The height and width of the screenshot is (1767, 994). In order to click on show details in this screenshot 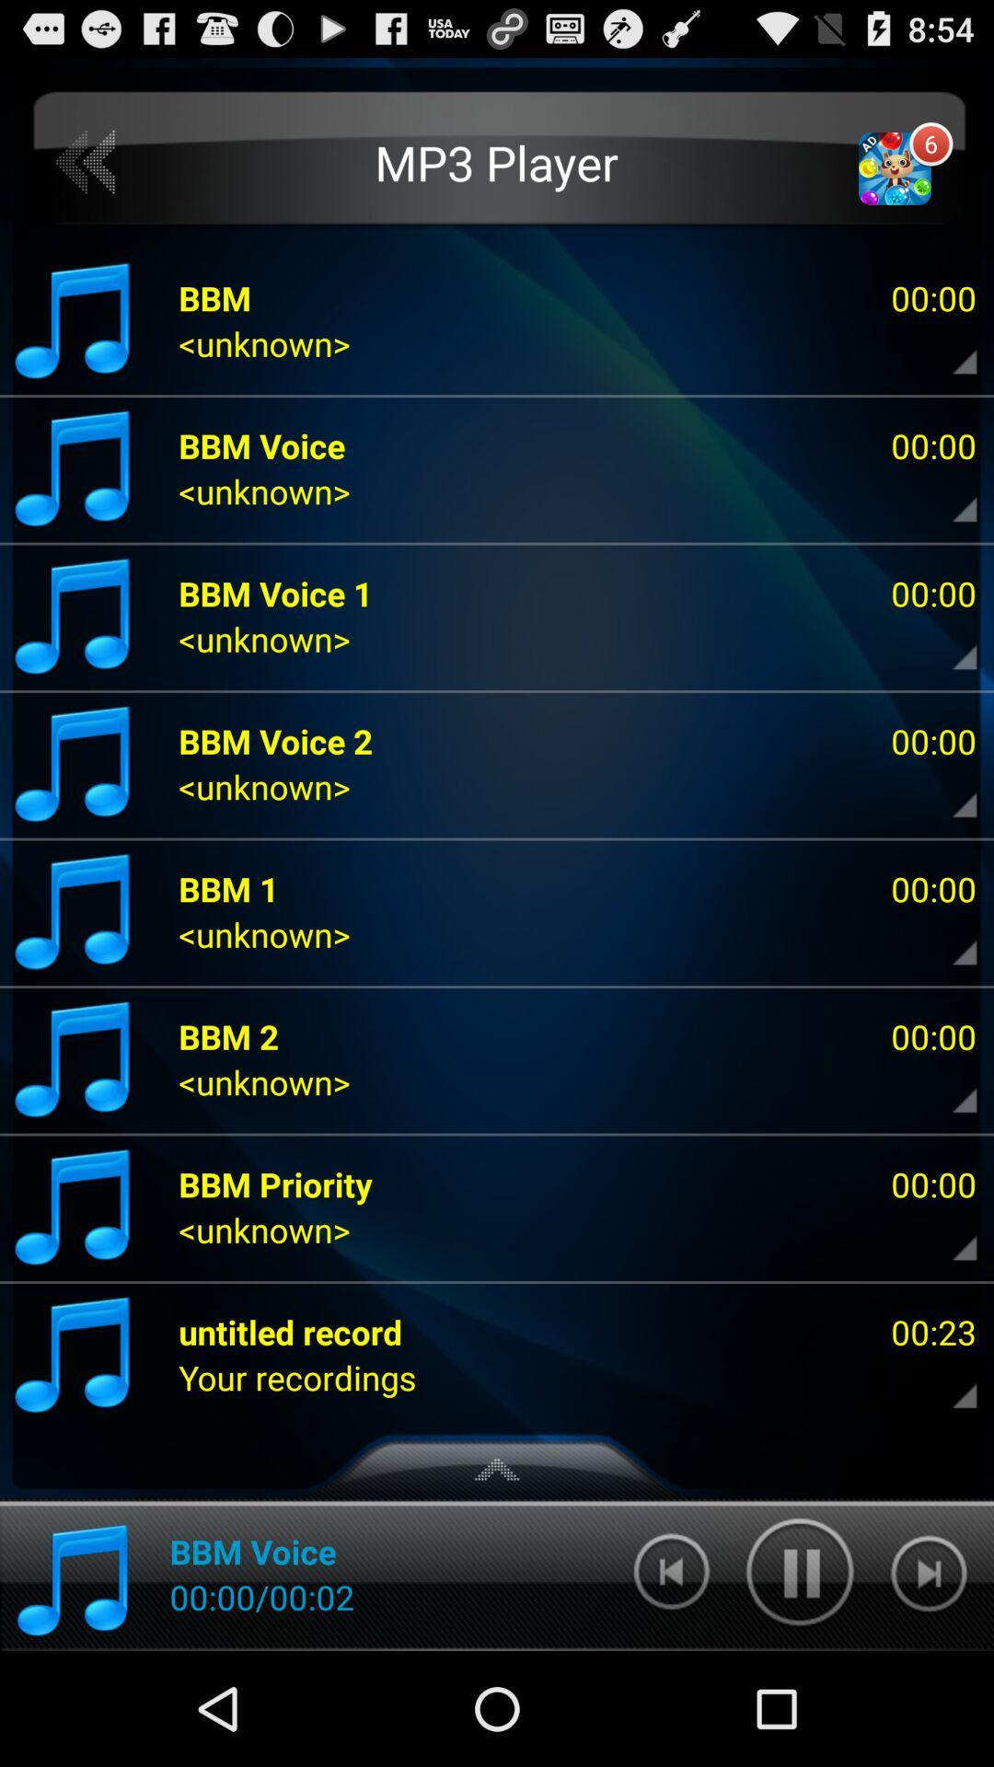, I will do `click(949, 349)`.